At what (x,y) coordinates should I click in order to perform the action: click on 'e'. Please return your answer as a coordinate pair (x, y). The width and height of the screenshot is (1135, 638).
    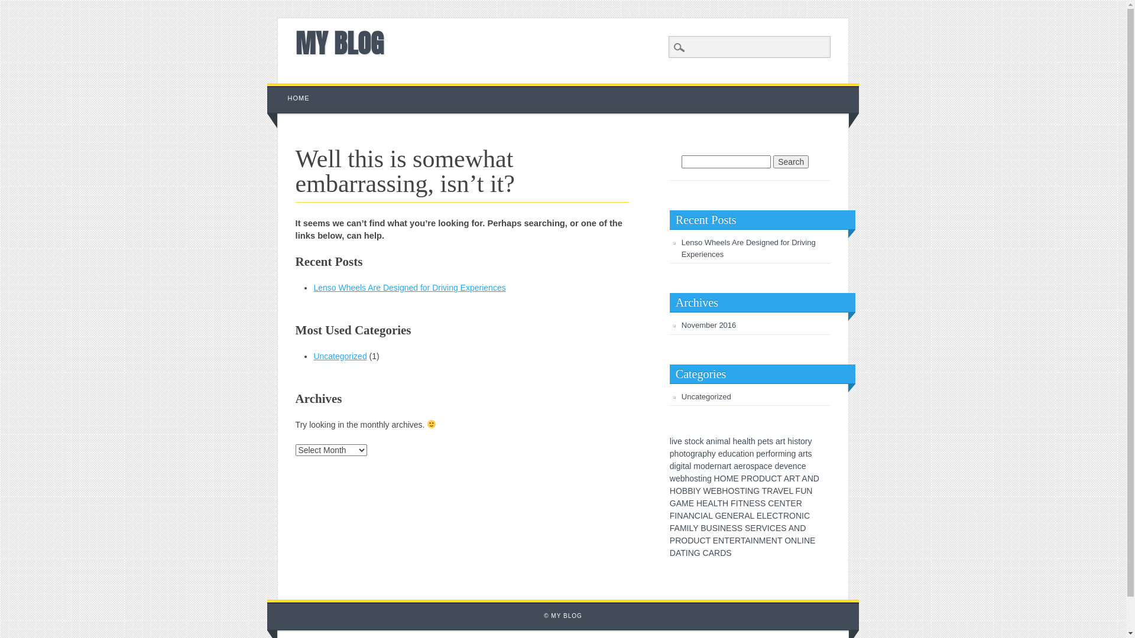
    Looking at the image, I should click on (709, 466).